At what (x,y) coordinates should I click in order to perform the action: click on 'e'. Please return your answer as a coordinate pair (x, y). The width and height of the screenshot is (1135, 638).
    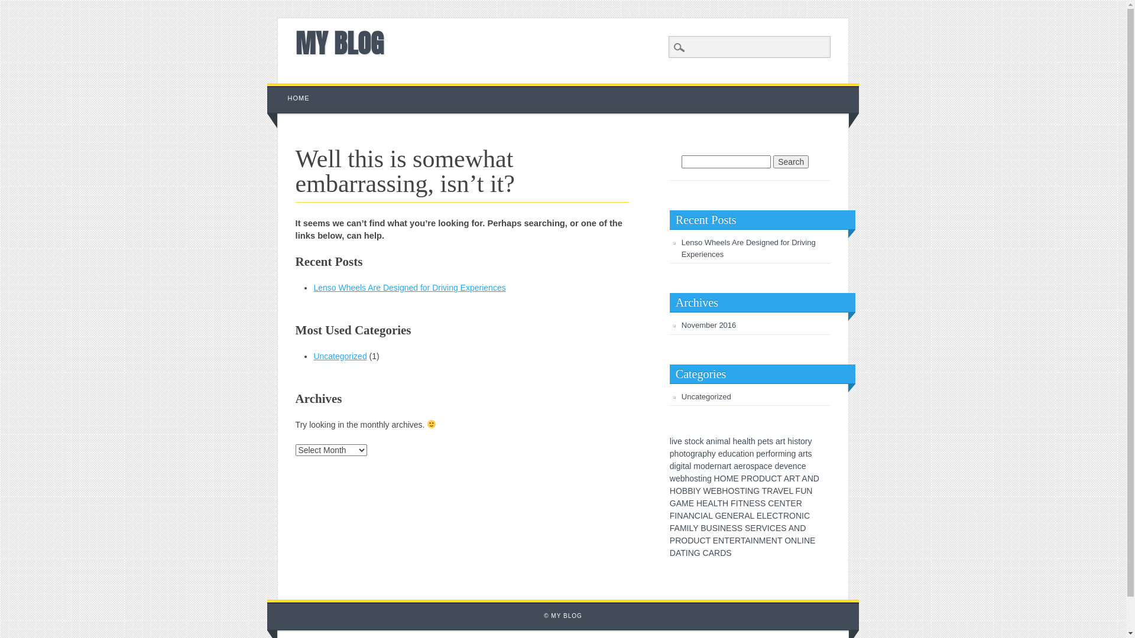
    Looking at the image, I should click on (709, 466).